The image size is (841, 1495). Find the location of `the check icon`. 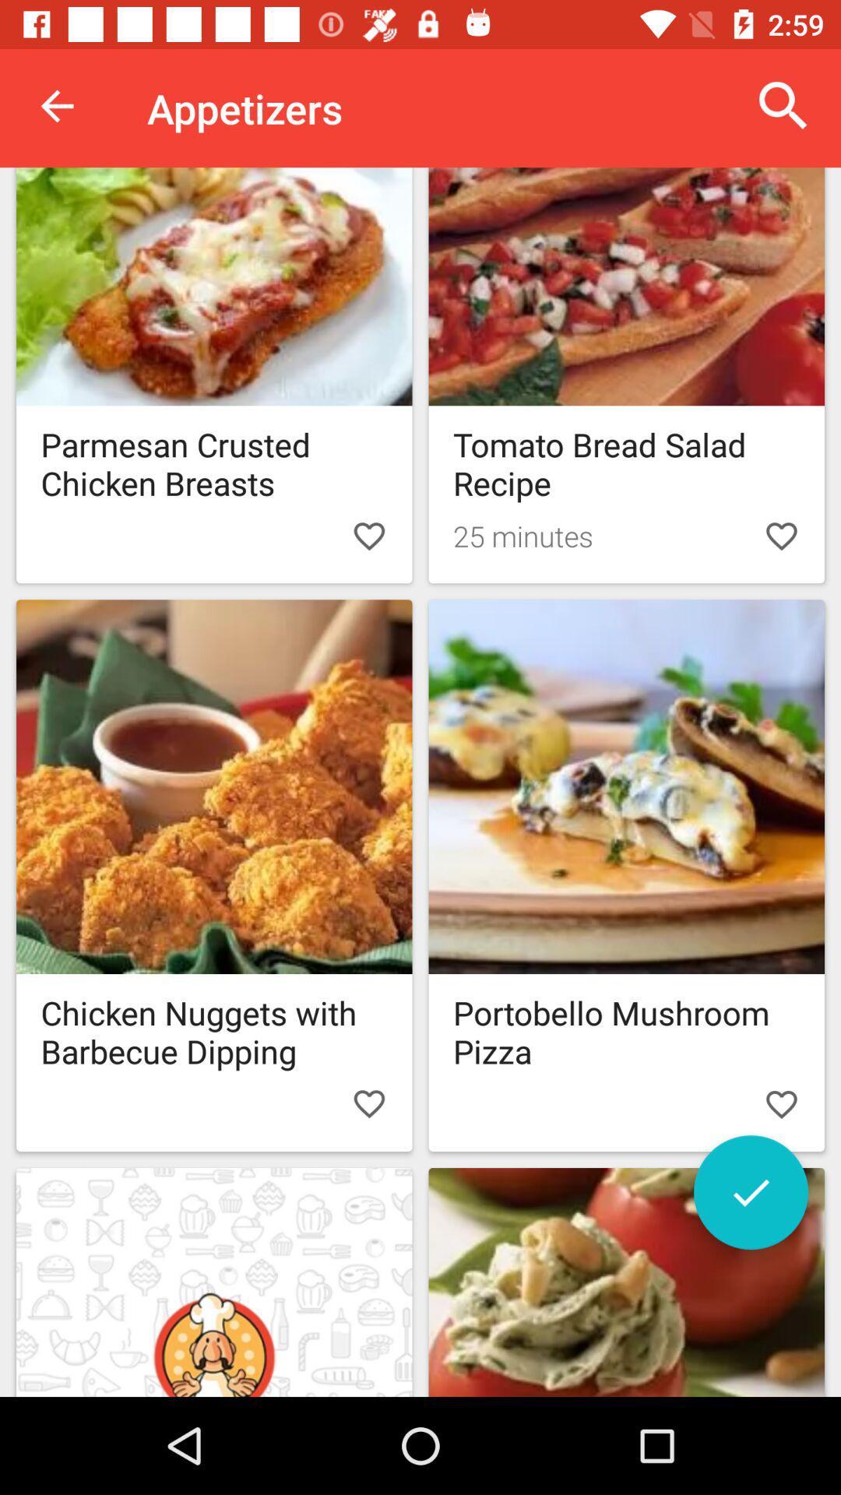

the check icon is located at coordinates (750, 1191).